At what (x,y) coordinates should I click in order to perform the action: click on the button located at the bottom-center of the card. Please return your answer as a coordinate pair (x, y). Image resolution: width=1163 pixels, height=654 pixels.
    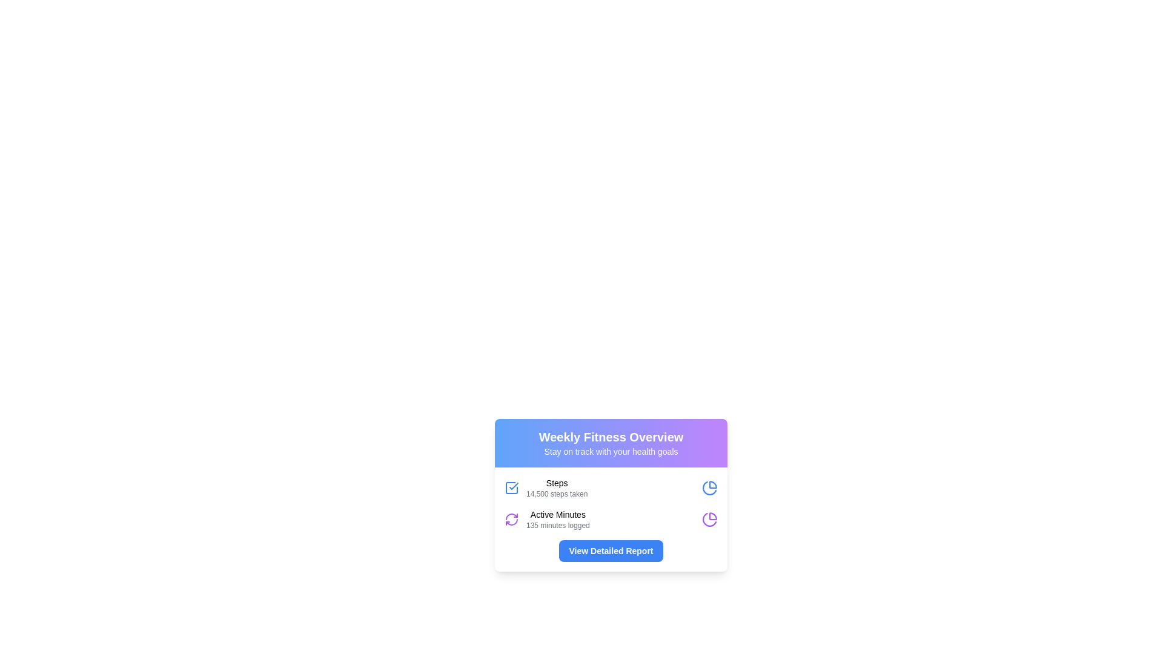
    Looking at the image, I should click on (611, 551).